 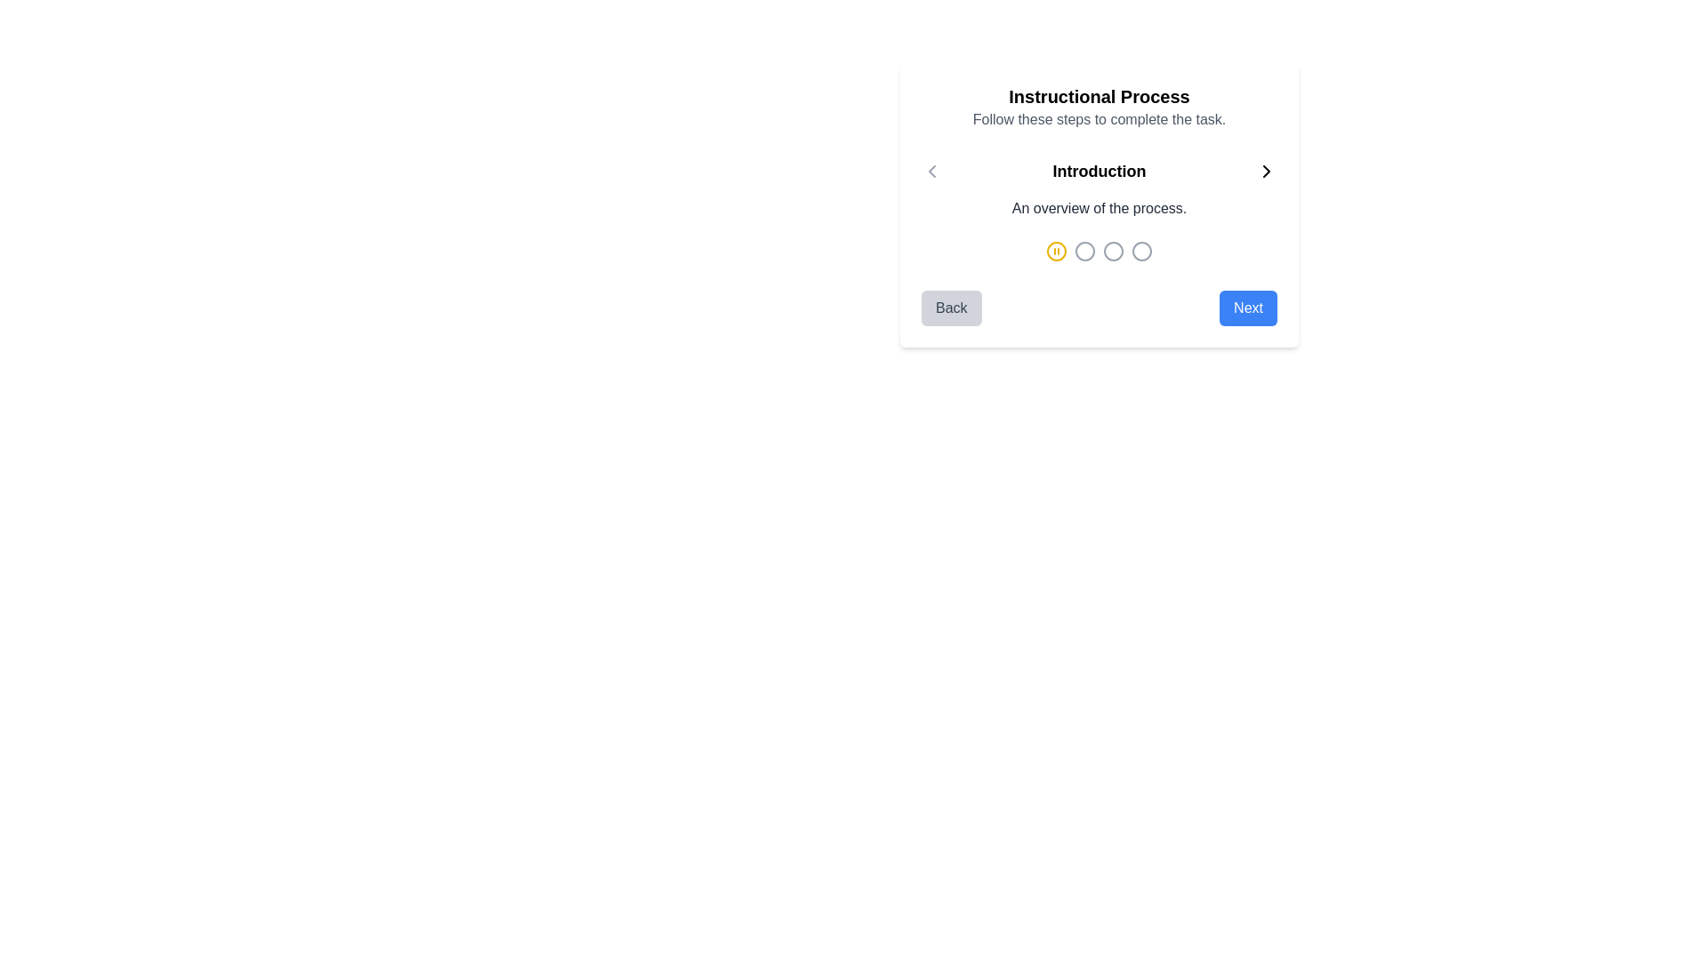 I want to click on the fourth Circle icon in the step indicator UI component, so click(x=1141, y=251).